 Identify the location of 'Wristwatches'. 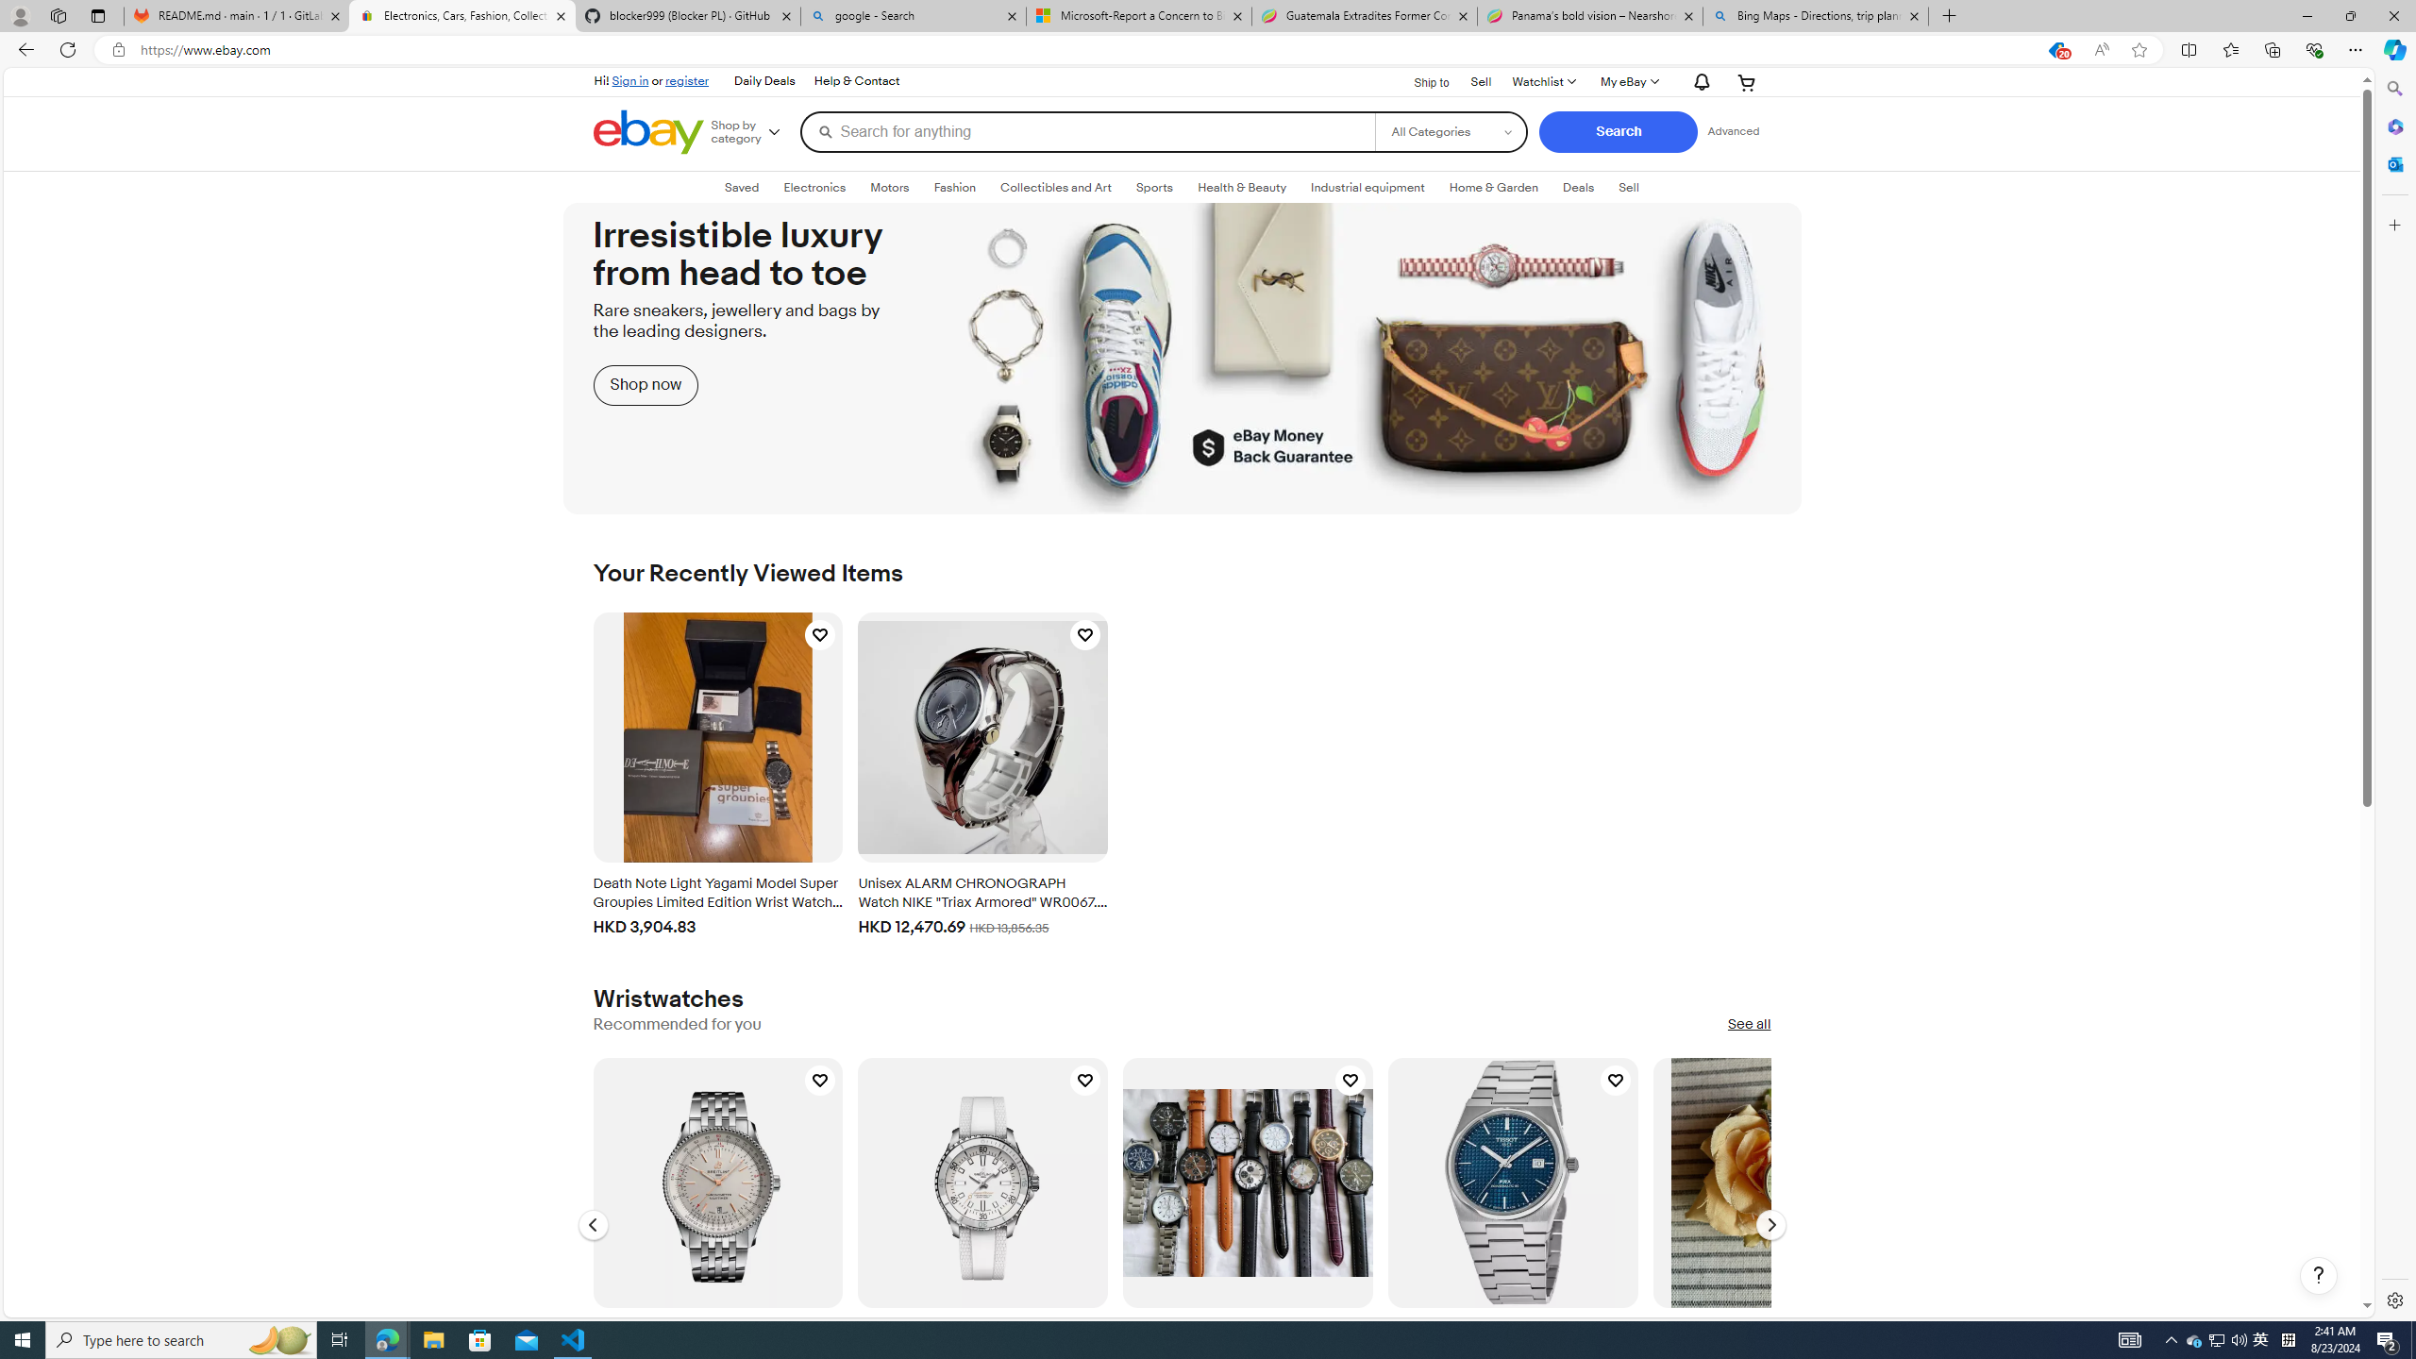
(666, 998).